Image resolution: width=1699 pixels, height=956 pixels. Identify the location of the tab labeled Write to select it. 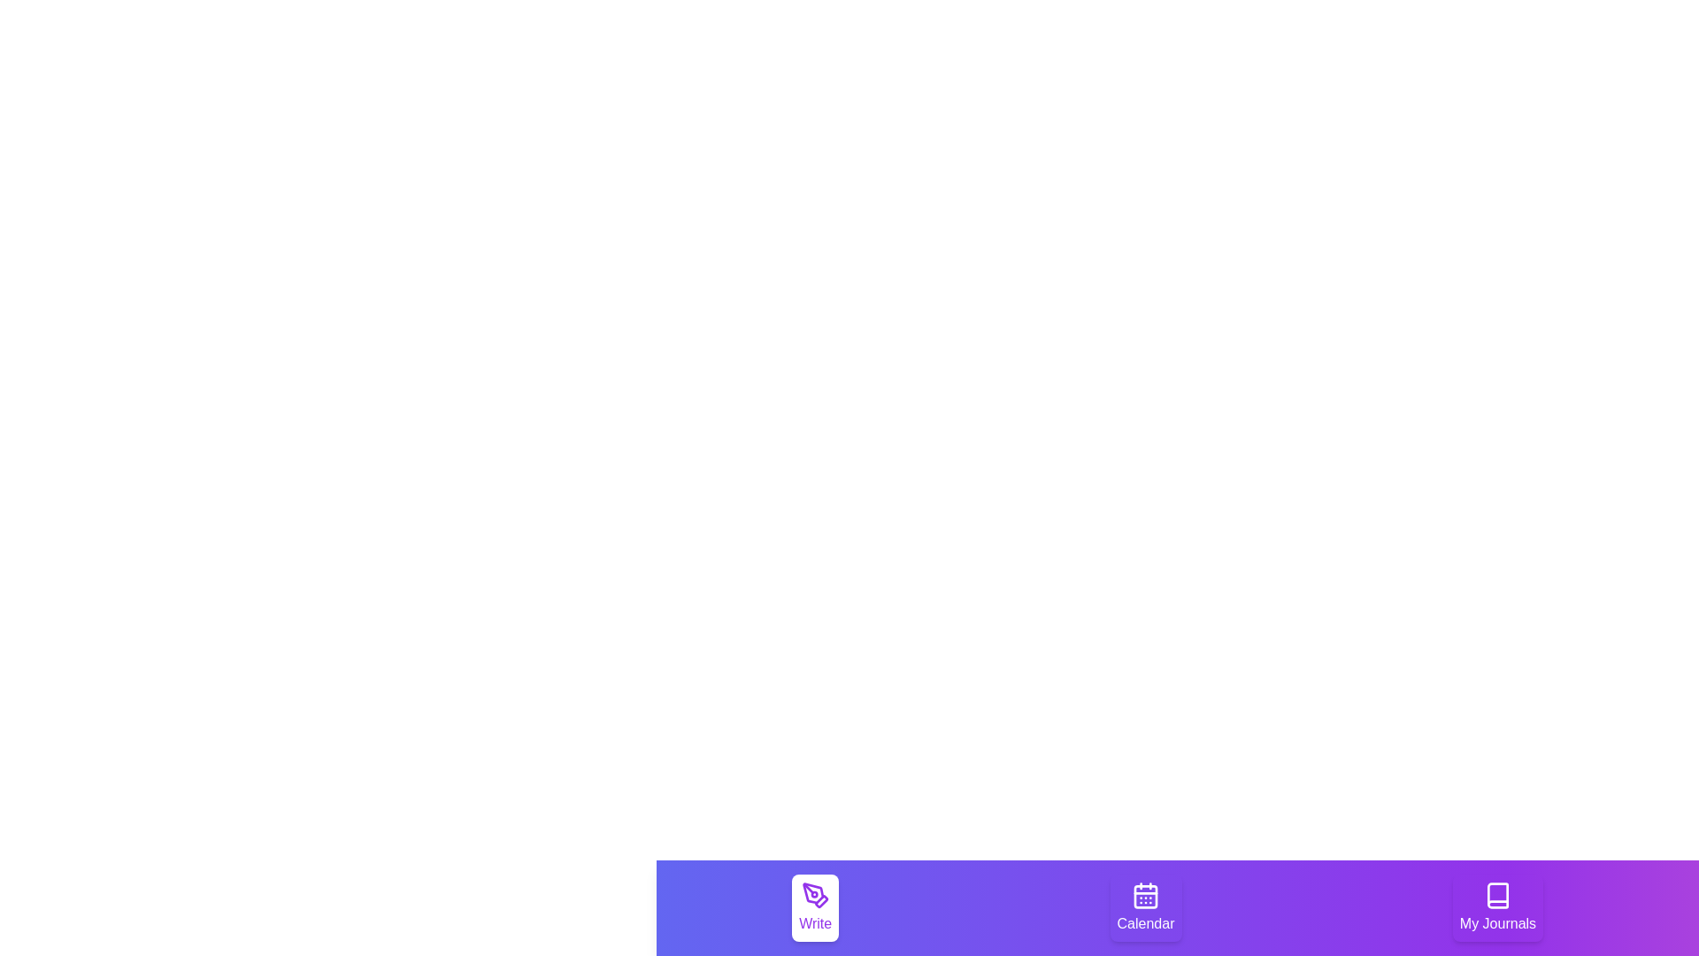
(814, 908).